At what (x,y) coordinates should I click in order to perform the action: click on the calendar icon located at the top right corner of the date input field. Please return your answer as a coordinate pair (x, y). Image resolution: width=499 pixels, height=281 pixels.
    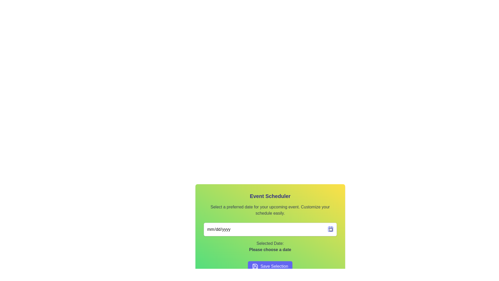
    Looking at the image, I should click on (330, 228).